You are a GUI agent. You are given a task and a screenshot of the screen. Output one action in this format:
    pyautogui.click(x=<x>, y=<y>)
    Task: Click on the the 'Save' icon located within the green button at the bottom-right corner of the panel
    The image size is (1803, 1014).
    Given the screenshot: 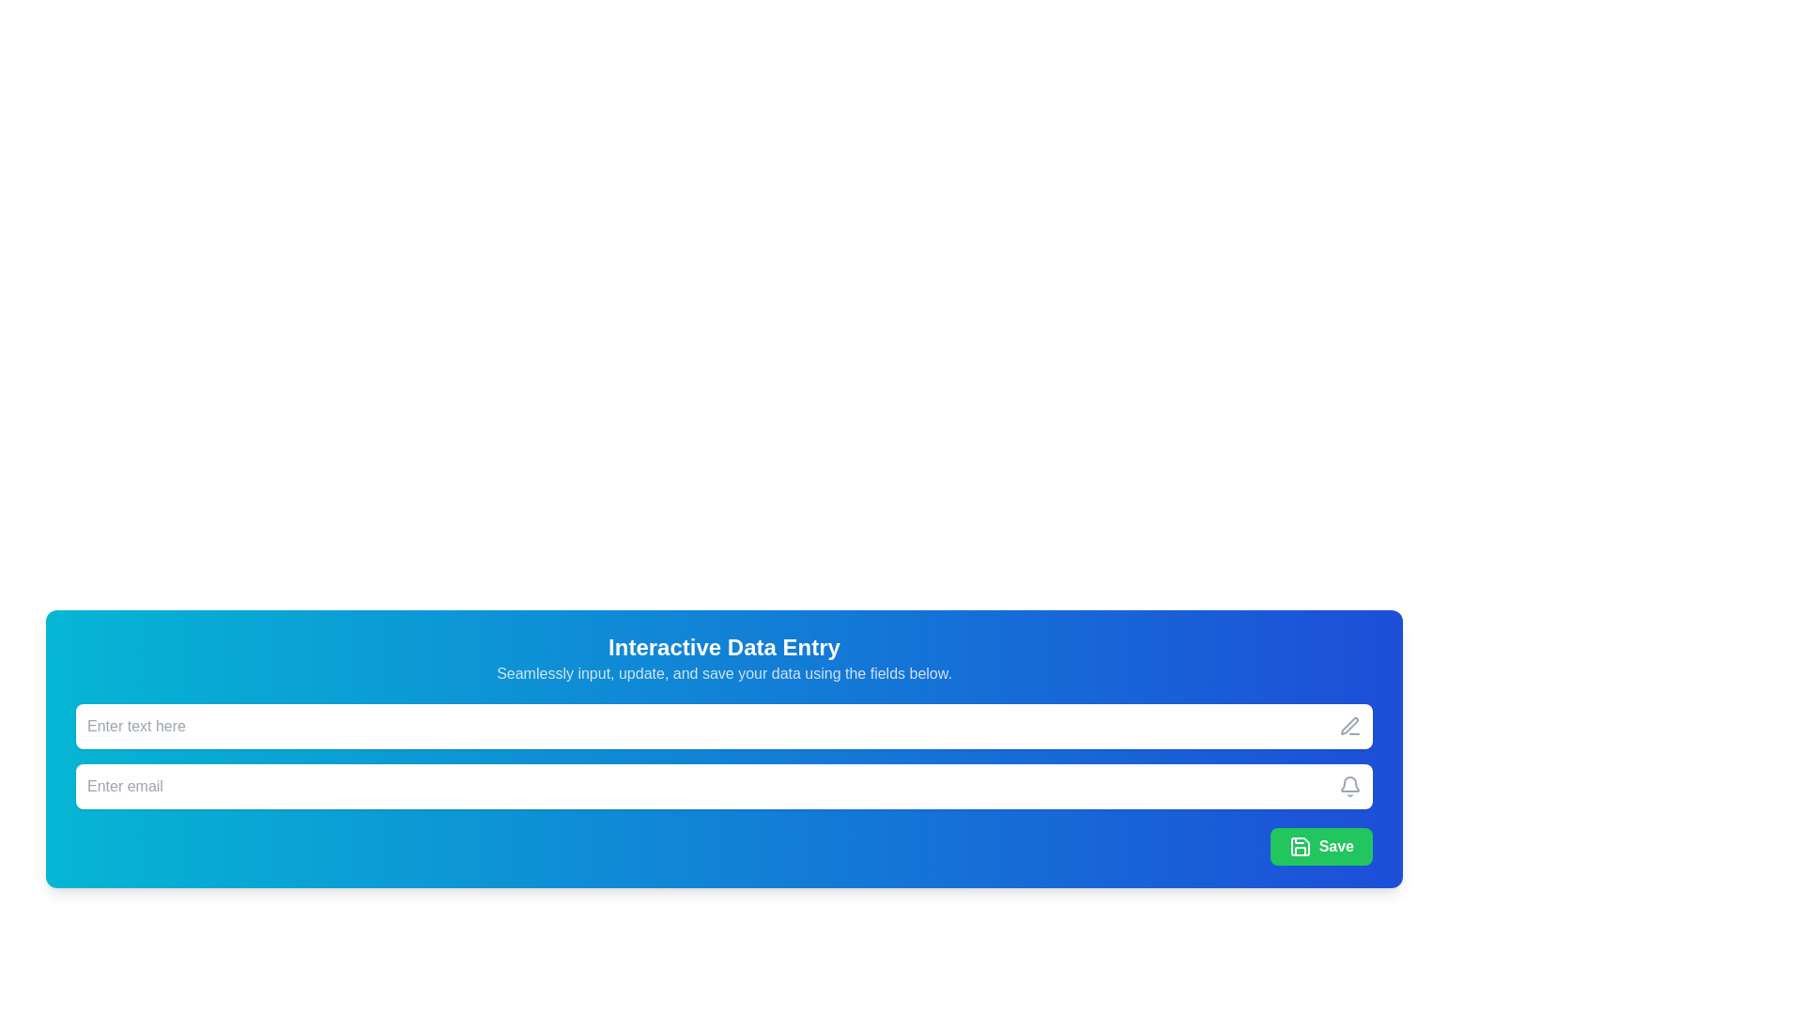 What is the action you would take?
    pyautogui.click(x=1299, y=847)
    